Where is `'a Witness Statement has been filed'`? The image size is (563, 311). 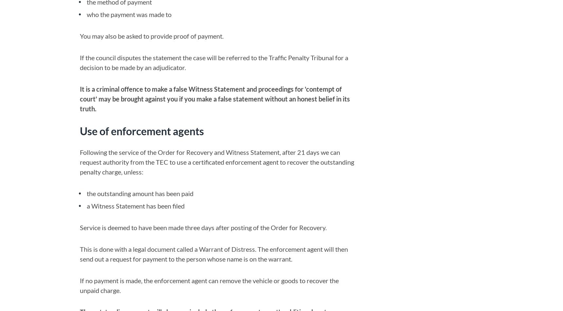
'a Witness Statement has been filed' is located at coordinates (136, 206).